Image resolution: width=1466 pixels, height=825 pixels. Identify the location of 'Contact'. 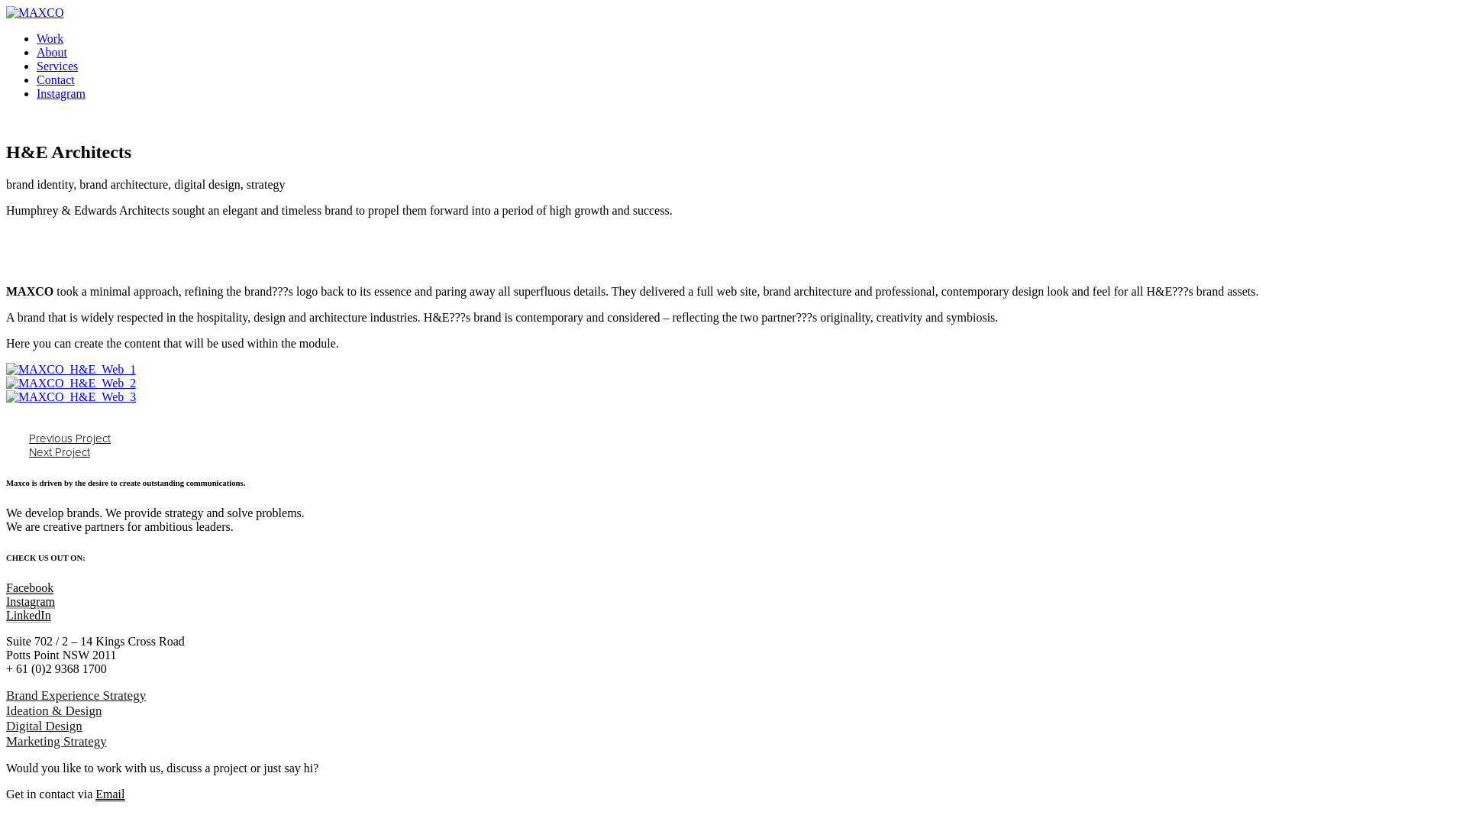
(37, 79).